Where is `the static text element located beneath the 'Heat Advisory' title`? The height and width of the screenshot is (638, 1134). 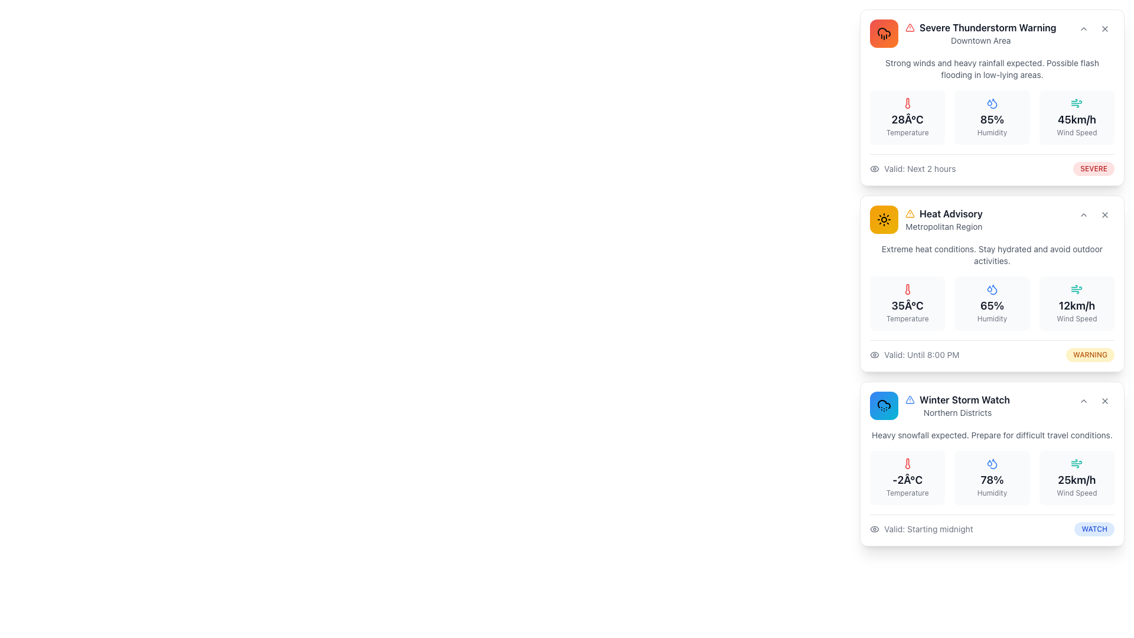 the static text element located beneath the 'Heat Advisory' title is located at coordinates (943, 227).